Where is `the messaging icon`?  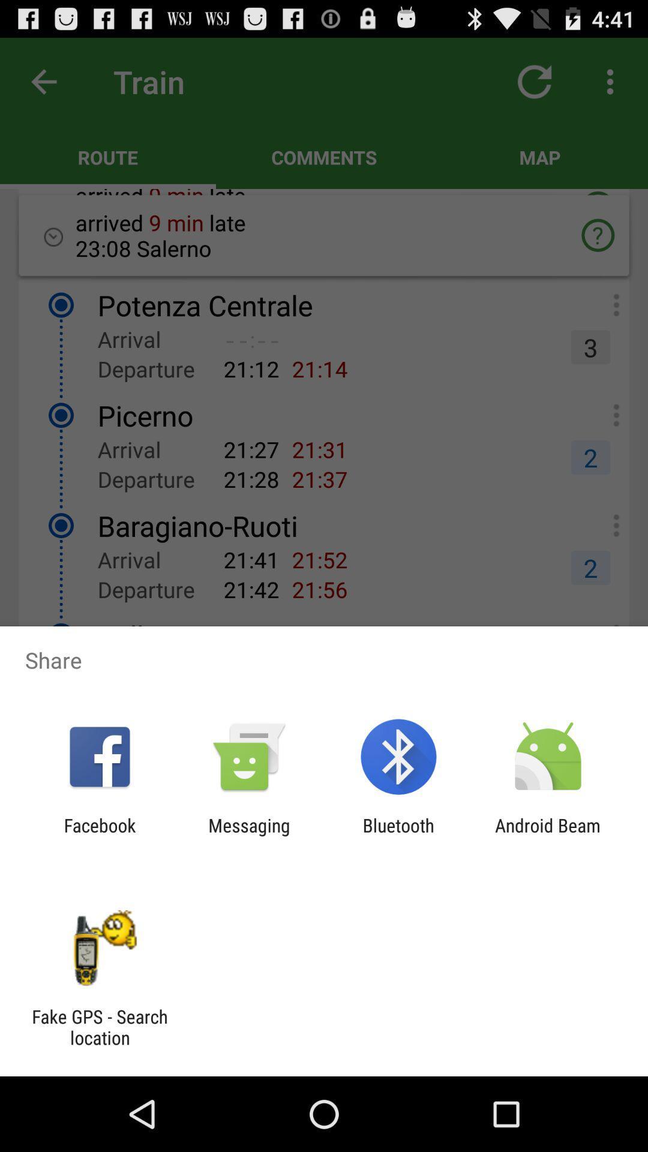 the messaging icon is located at coordinates (248, 835).